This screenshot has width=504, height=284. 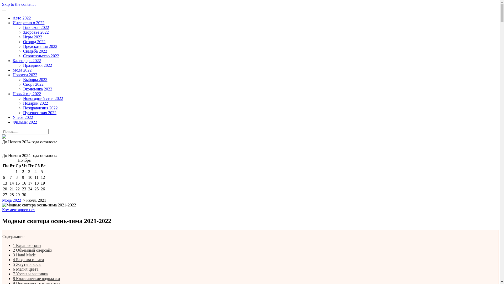 What do you see at coordinates (13, 255) in the screenshot?
I see `'3 Hand Made'` at bounding box center [13, 255].